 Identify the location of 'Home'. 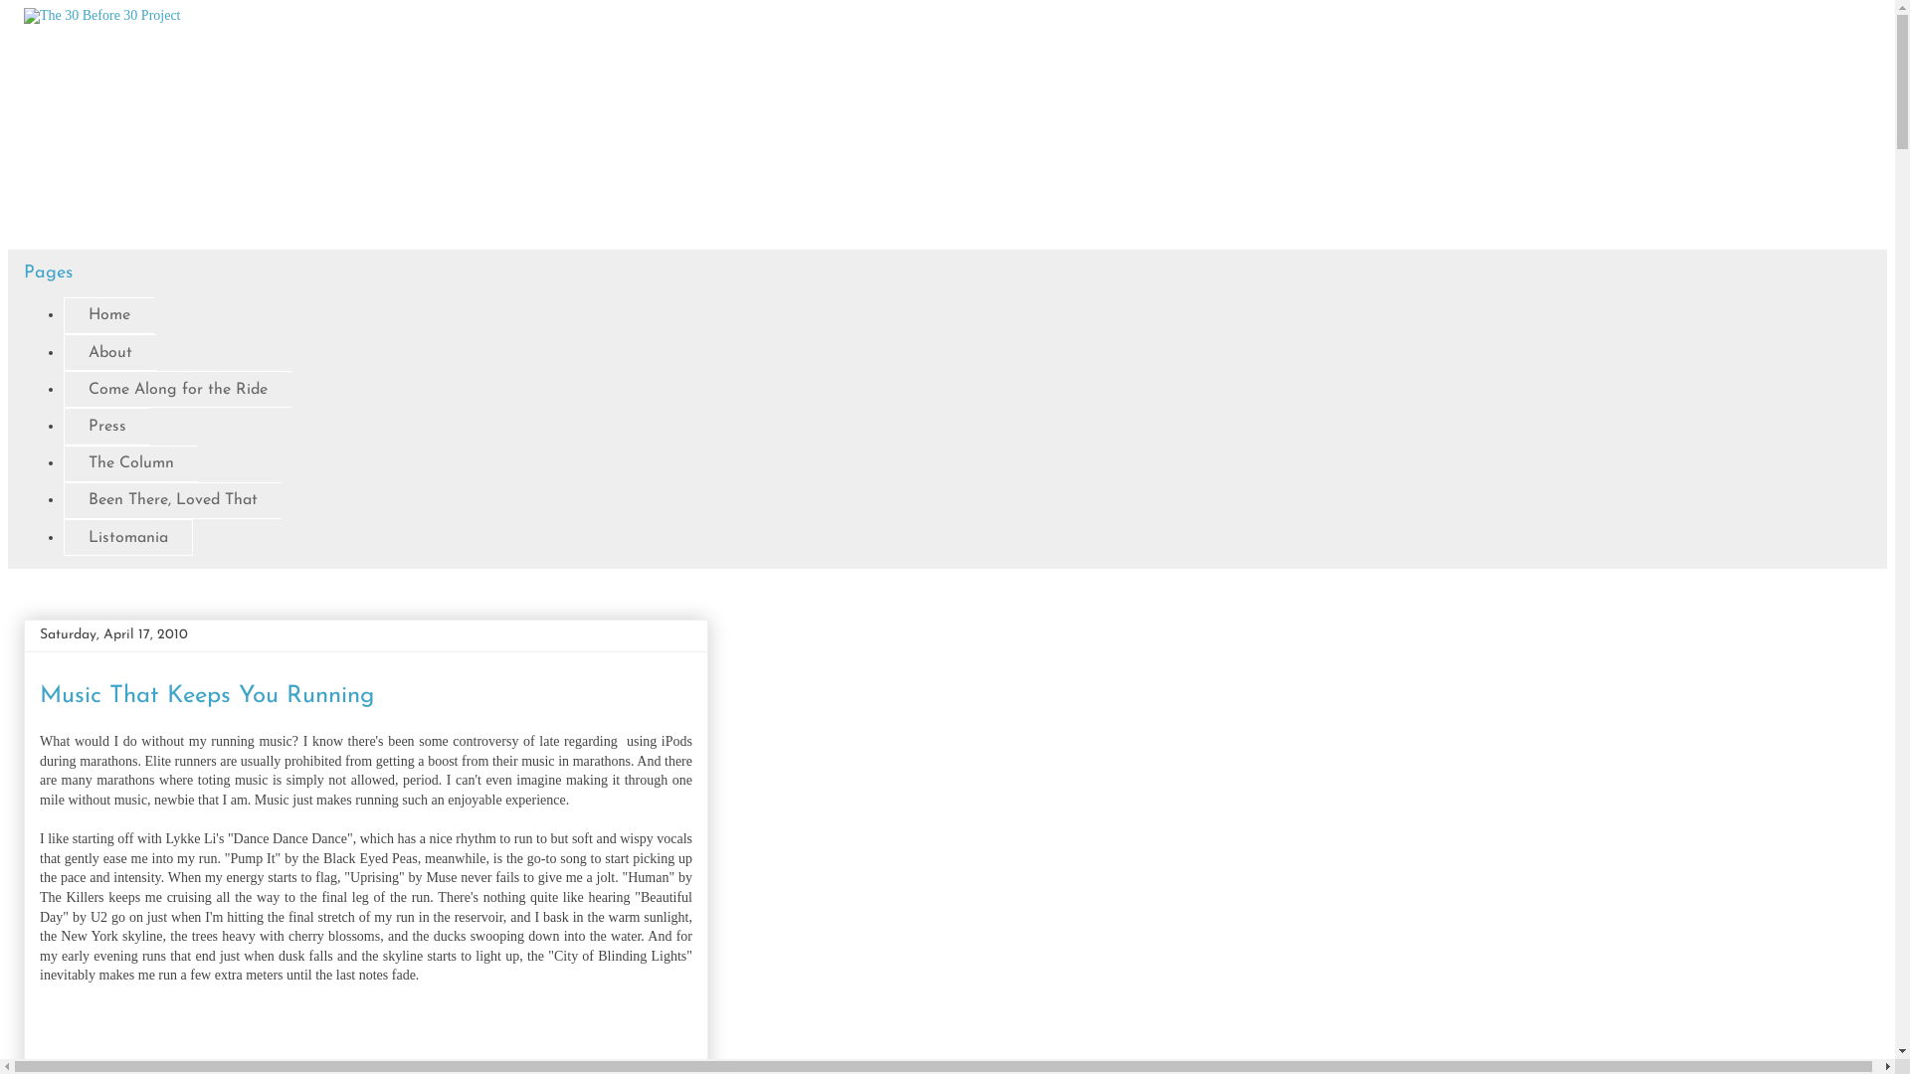
(107, 314).